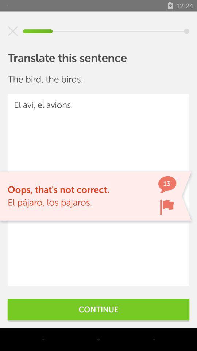 Image resolution: width=197 pixels, height=351 pixels. Describe the element at coordinates (13, 31) in the screenshot. I see `tab` at that location.